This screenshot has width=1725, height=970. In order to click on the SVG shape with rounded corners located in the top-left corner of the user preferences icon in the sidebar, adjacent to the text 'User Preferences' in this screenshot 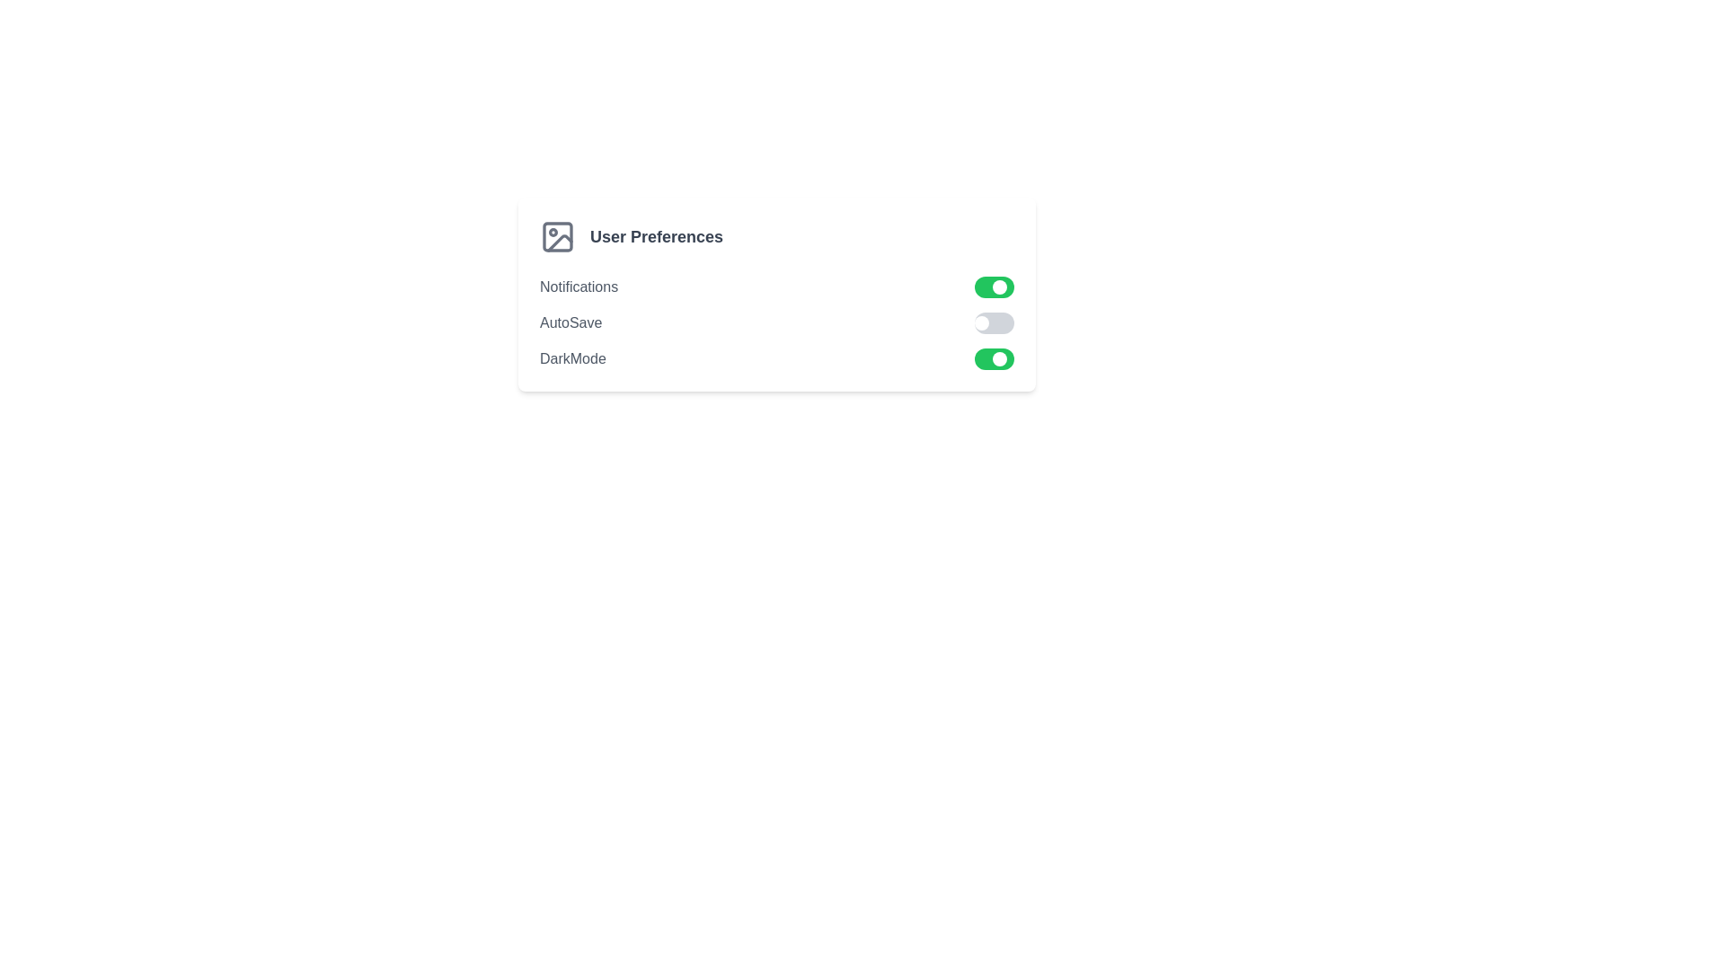, I will do `click(556, 235)`.